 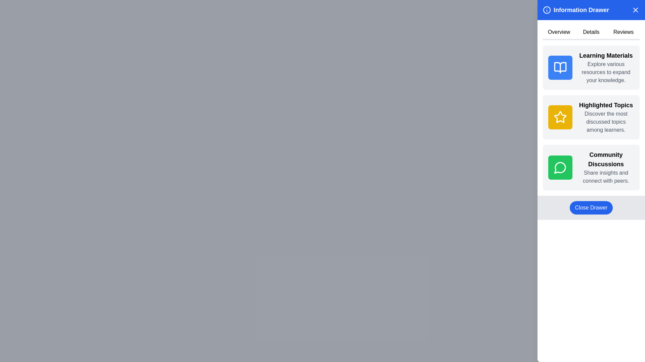 I want to click on the icon representing highlighted topics located in the 'Highlighted Topics' panel, positioned between 'Learning Materials' and 'Community Discussions', so click(x=560, y=117).